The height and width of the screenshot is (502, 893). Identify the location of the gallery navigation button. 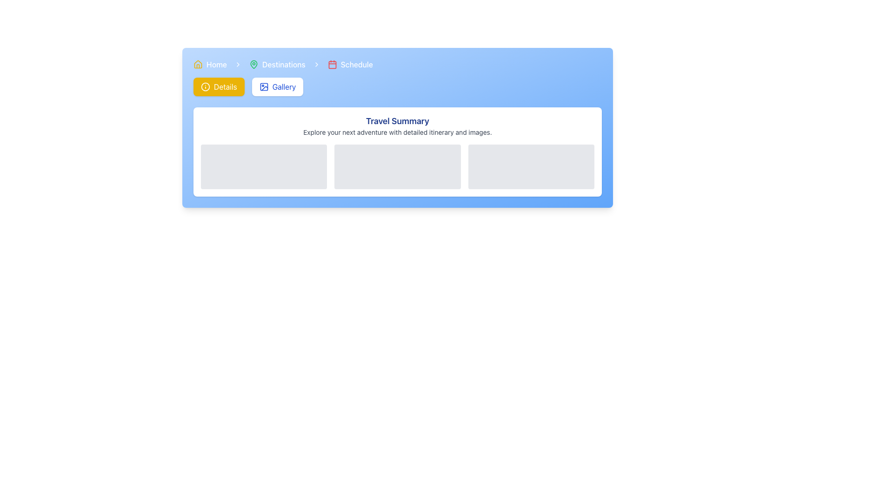
(277, 86).